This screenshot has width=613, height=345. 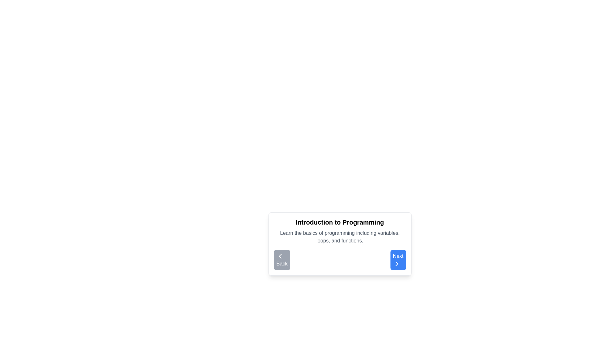 What do you see at coordinates (282, 260) in the screenshot?
I see `the navigational button located on the left side of the panel` at bounding box center [282, 260].